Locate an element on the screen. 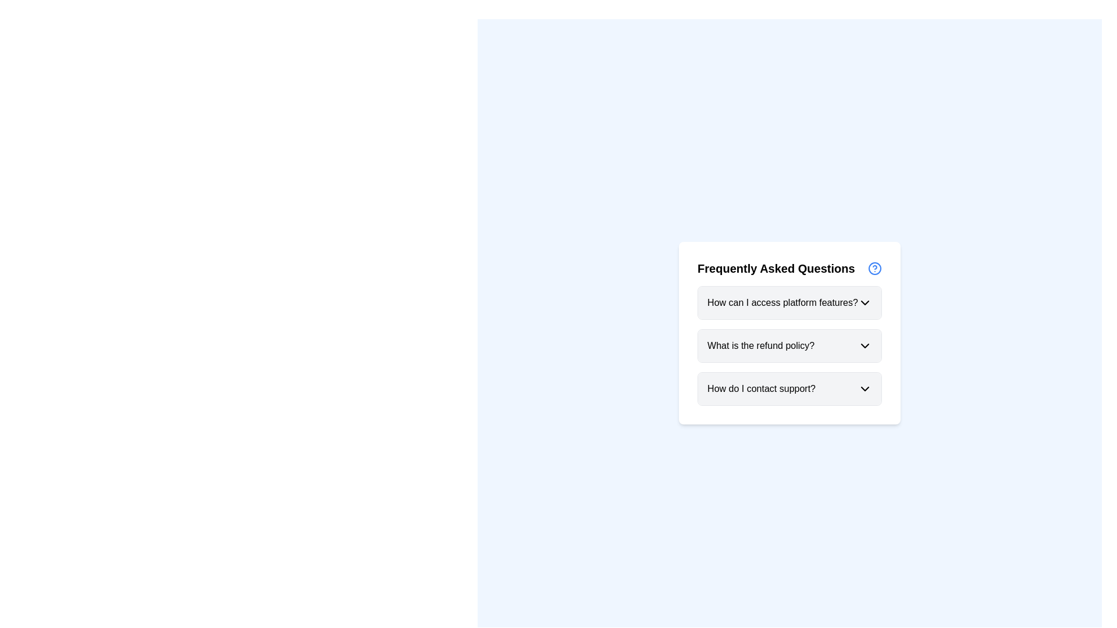 Image resolution: width=1117 pixels, height=628 pixels. the text label displaying the question 'How can I access platform features?' to trigger a tooltip is located at coordinates (782, 302).